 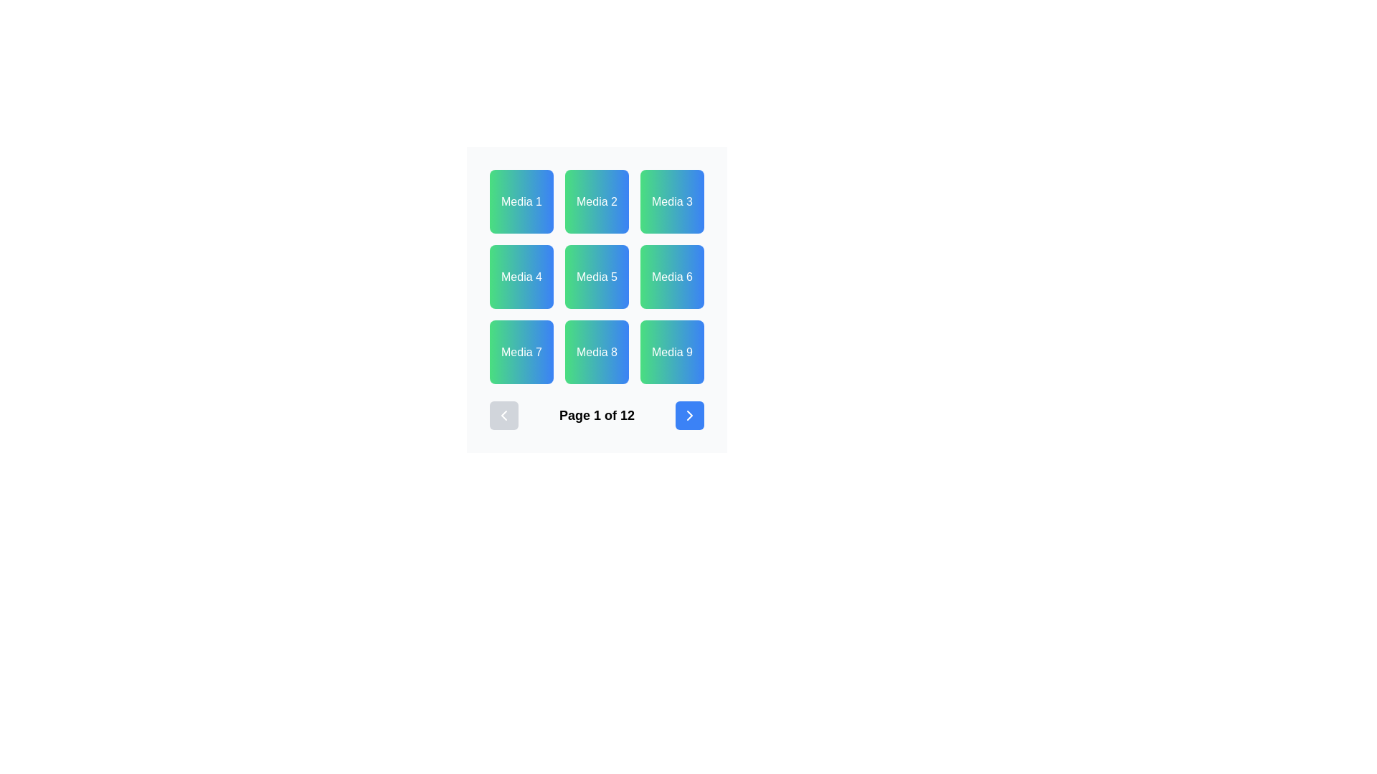 I want to click on the chevron icon in the button located in the bottom right corner of the interface, so click(x=689, y=415).